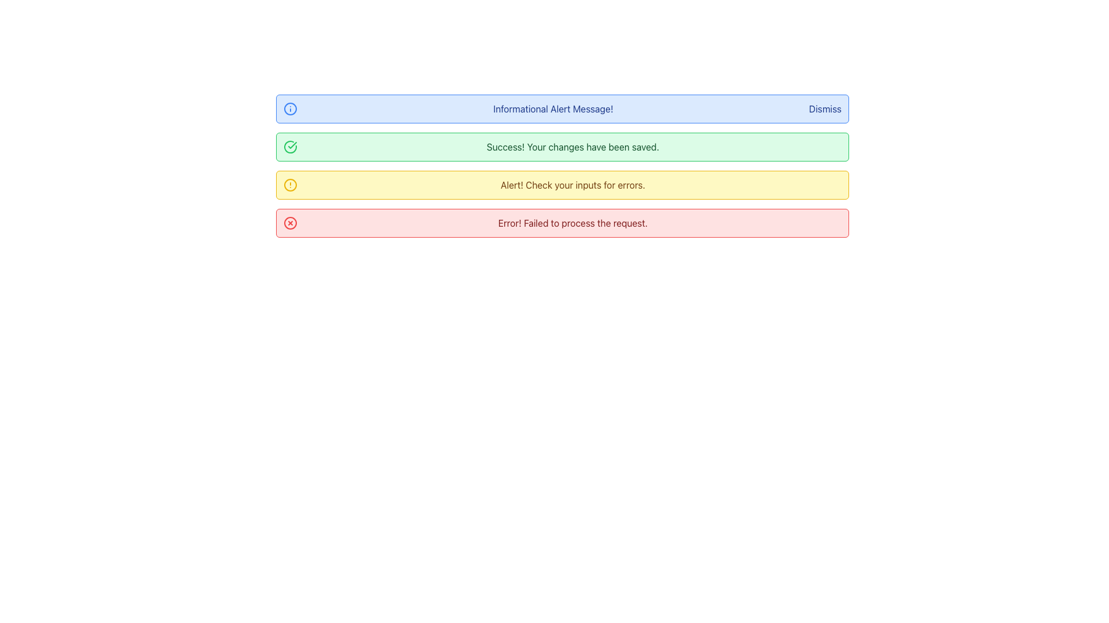  What do you see at coordinates (291, 146) in the screenshot?
I see `circular outline of the checkmark icon within the green notification bar, which is the second in a vertical stack of four notification bars, for development purposes` at bounding box center [291, 146].